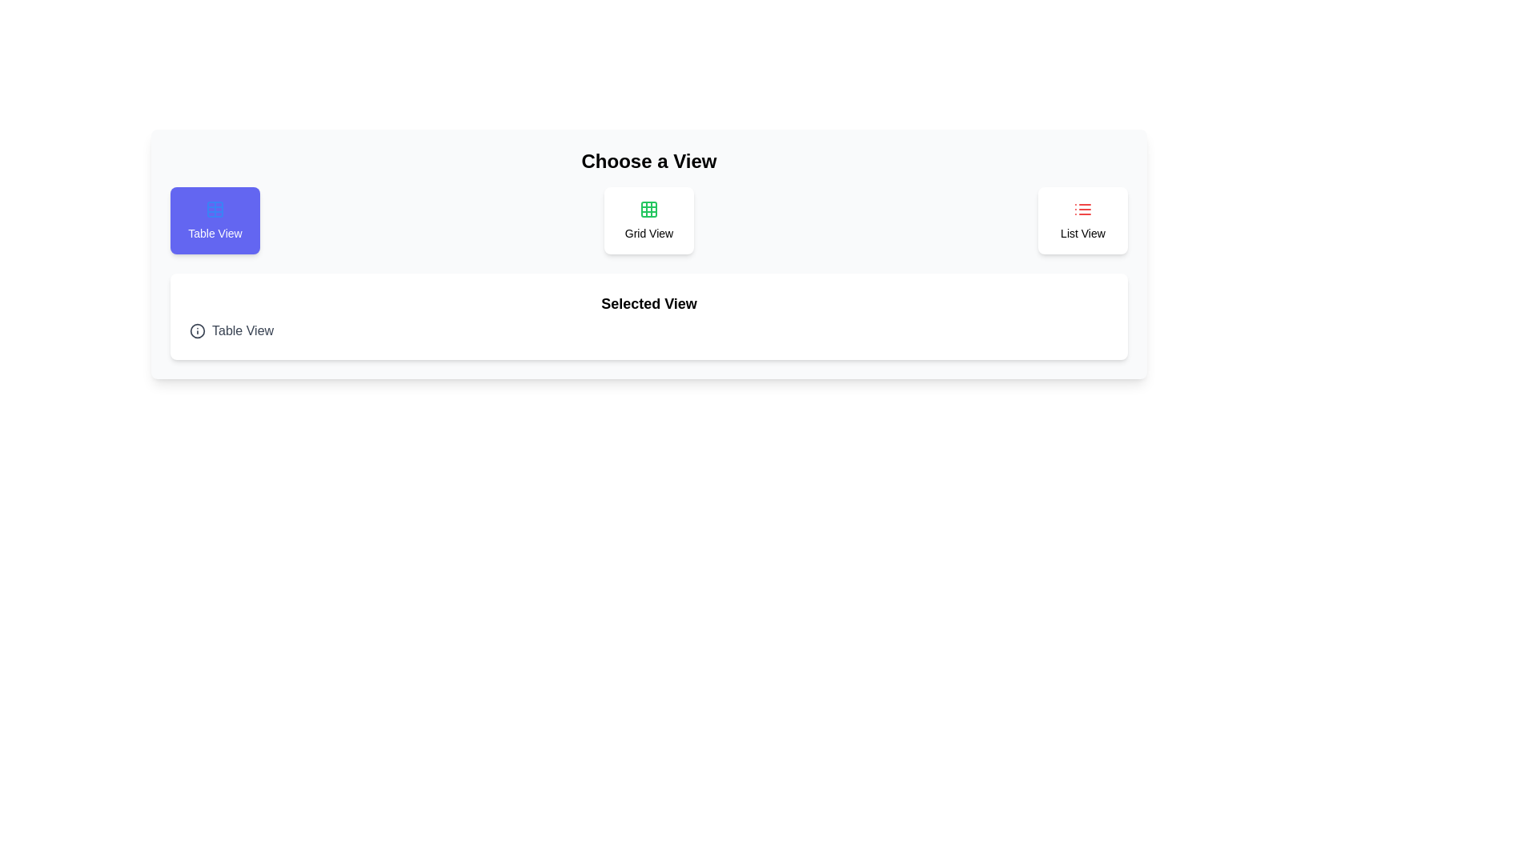 The image size is (1537, 864). Describe the element at coordinates (196, 330) in the screenshot. I see `the informational icon located to the left of the 'Table View' text` at that location.